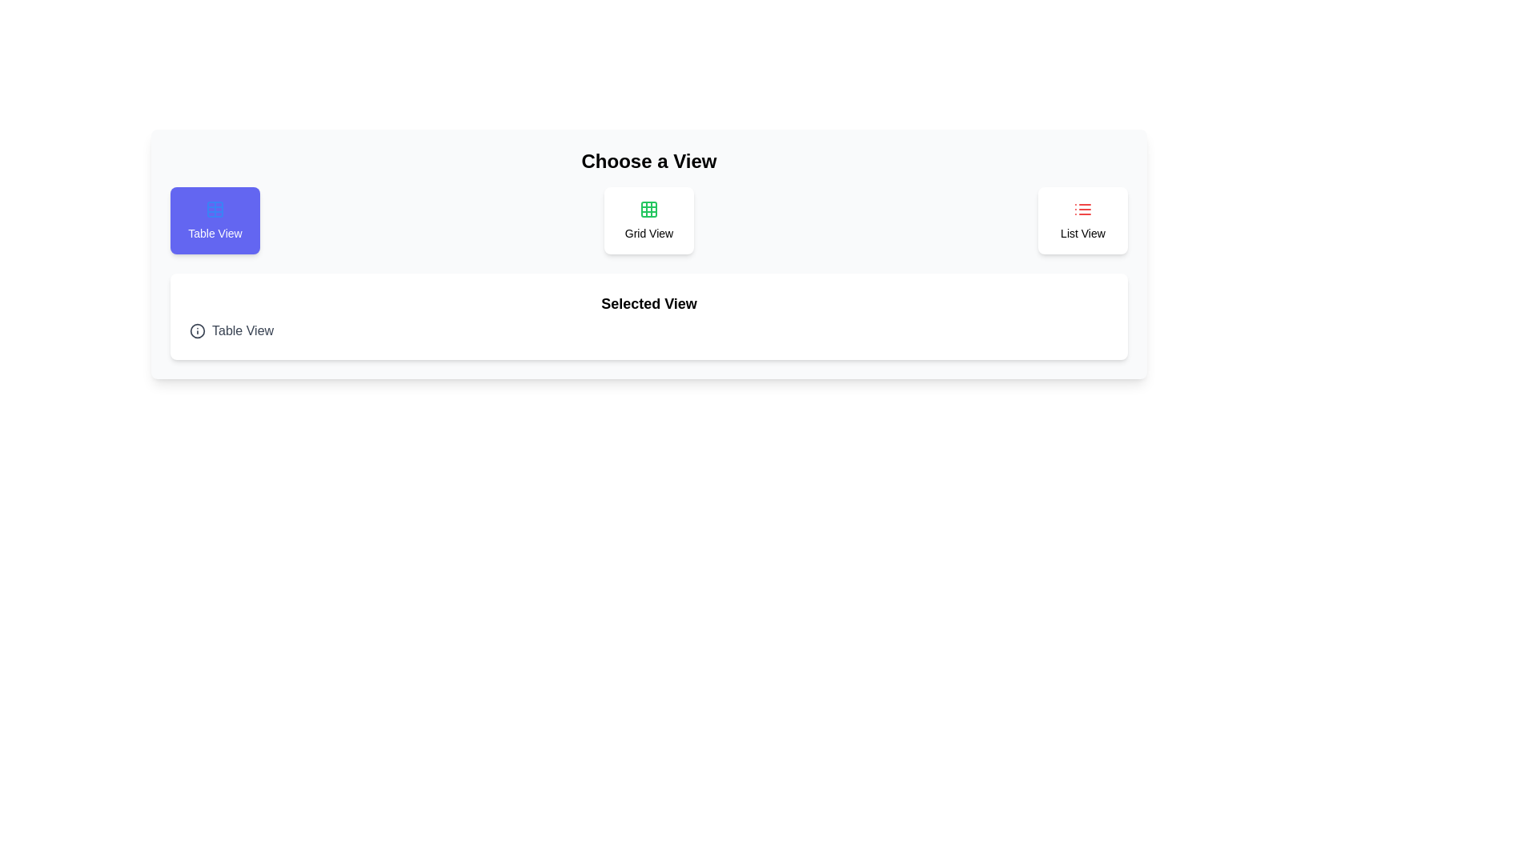 The image size is (1537, 864). Describe the element at coordinates (196, 330) in the screenshot. I see `the informational icon located to the left of the 'Table View' text` at that location.